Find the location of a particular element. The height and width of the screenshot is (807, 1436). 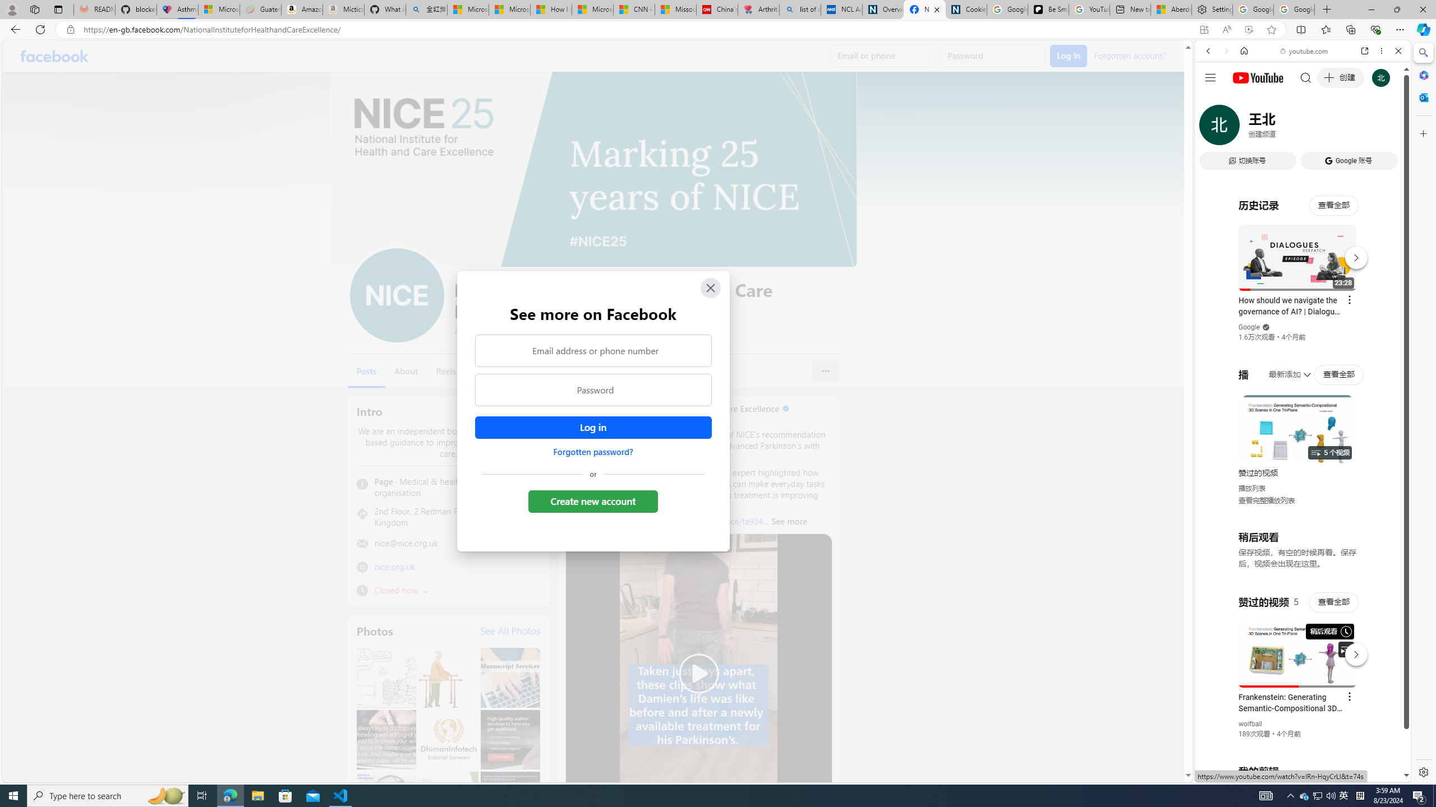

'Accessible login button' is located at coordinates (592, 427).